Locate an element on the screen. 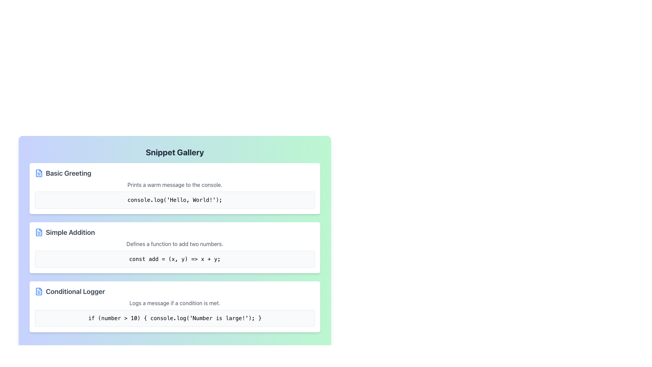 Image resolution: width=652 pixels, height=367 pixels. the SVG Icon representing 'Simple Addition', which is positioned to the left of the text within the code snippet block is located at coordinates (39, 232).